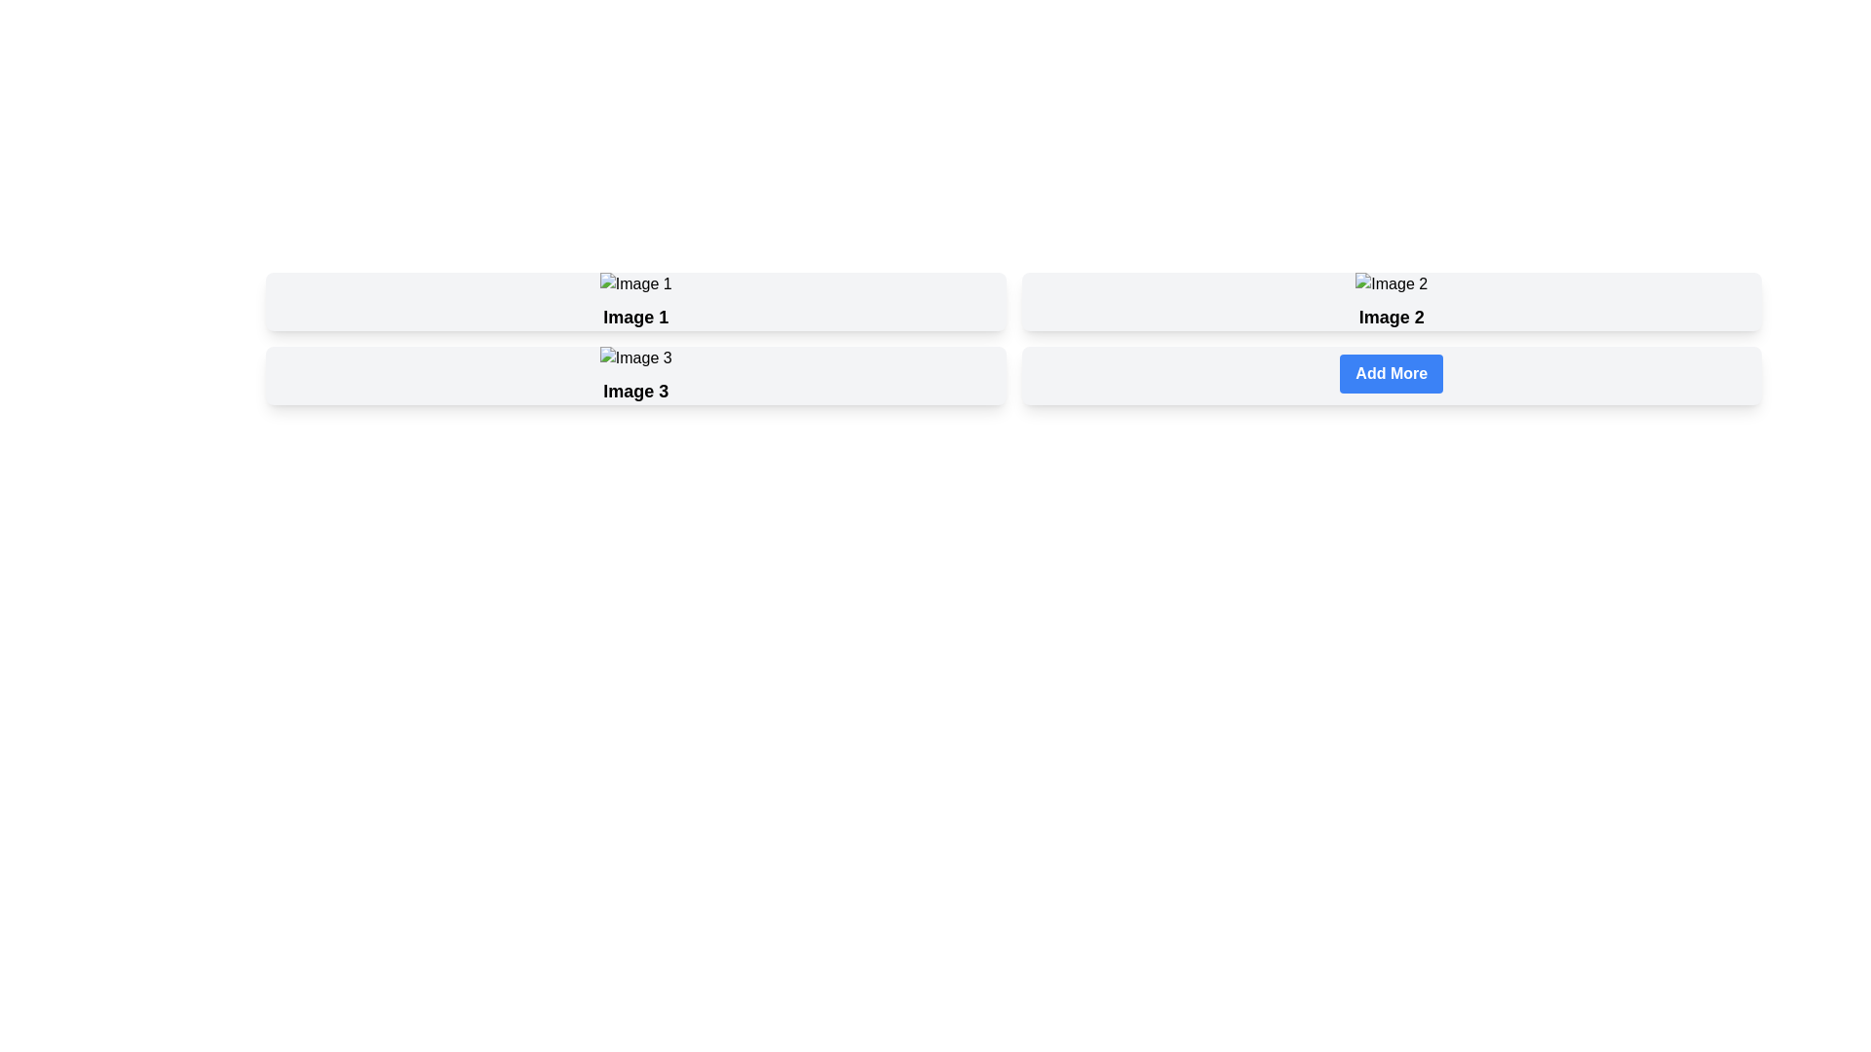 The width and height of the screenshot is (1871, 1052). I want to click on the descriptive text label located beneath the image thumbnail labeled 'Image 2', so click(1391, 317).